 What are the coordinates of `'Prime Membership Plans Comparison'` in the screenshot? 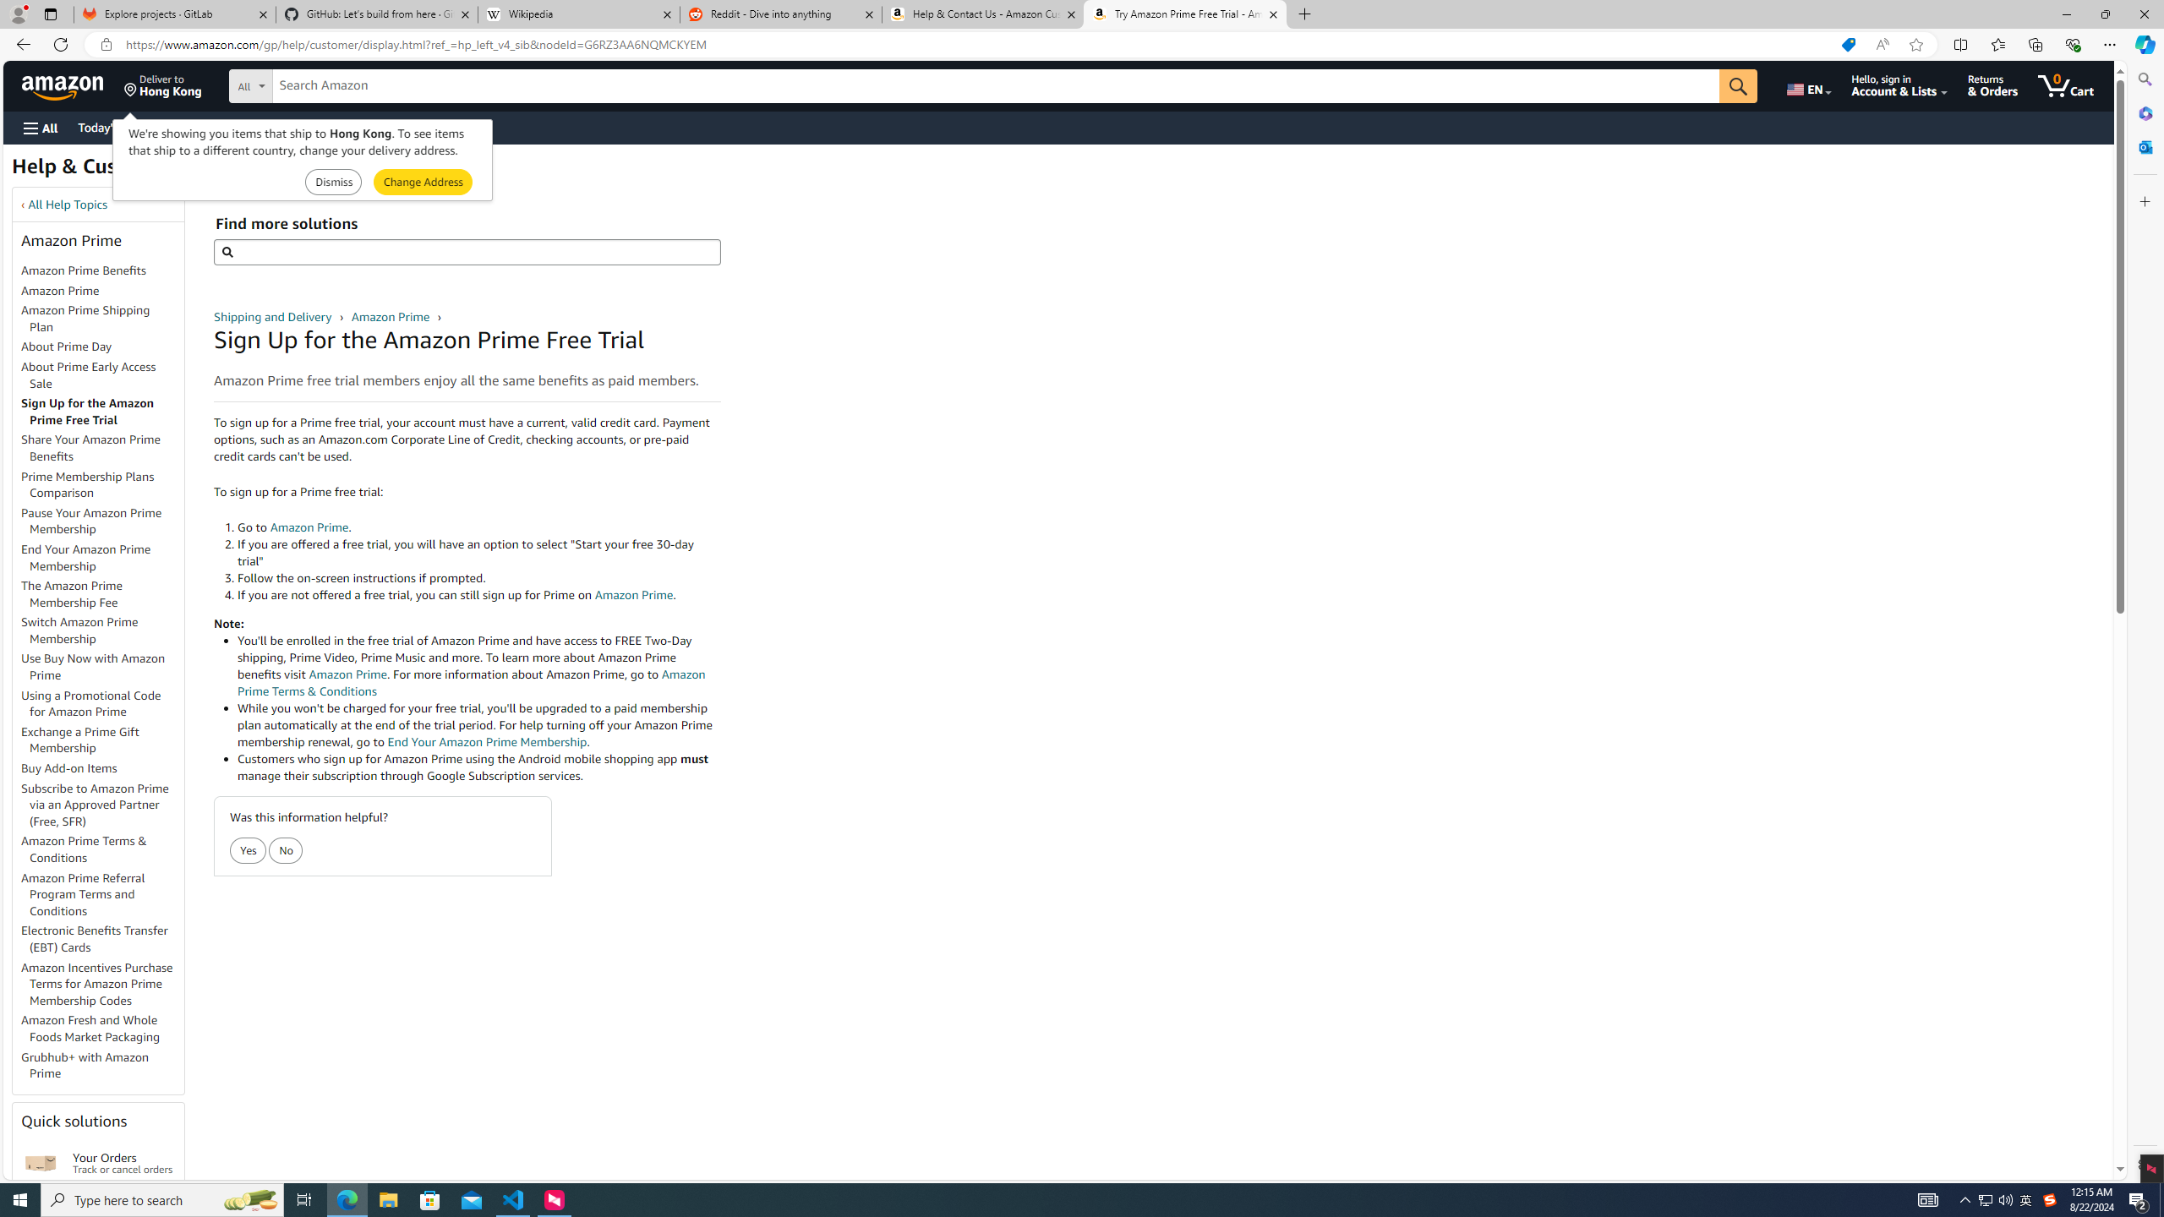 It's located at (102, 483).